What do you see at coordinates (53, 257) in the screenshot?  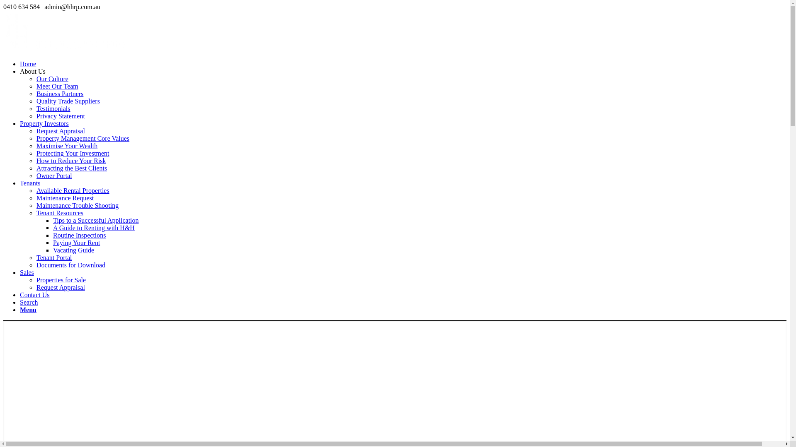 I see `'Tenant Portal'` at bounding box center [53, 257].